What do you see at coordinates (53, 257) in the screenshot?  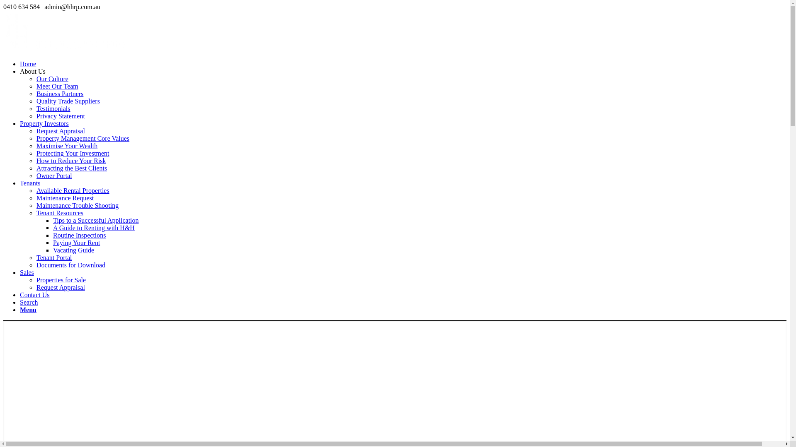 I see `'Tenant Portal'` at bounding box center [53, 257].